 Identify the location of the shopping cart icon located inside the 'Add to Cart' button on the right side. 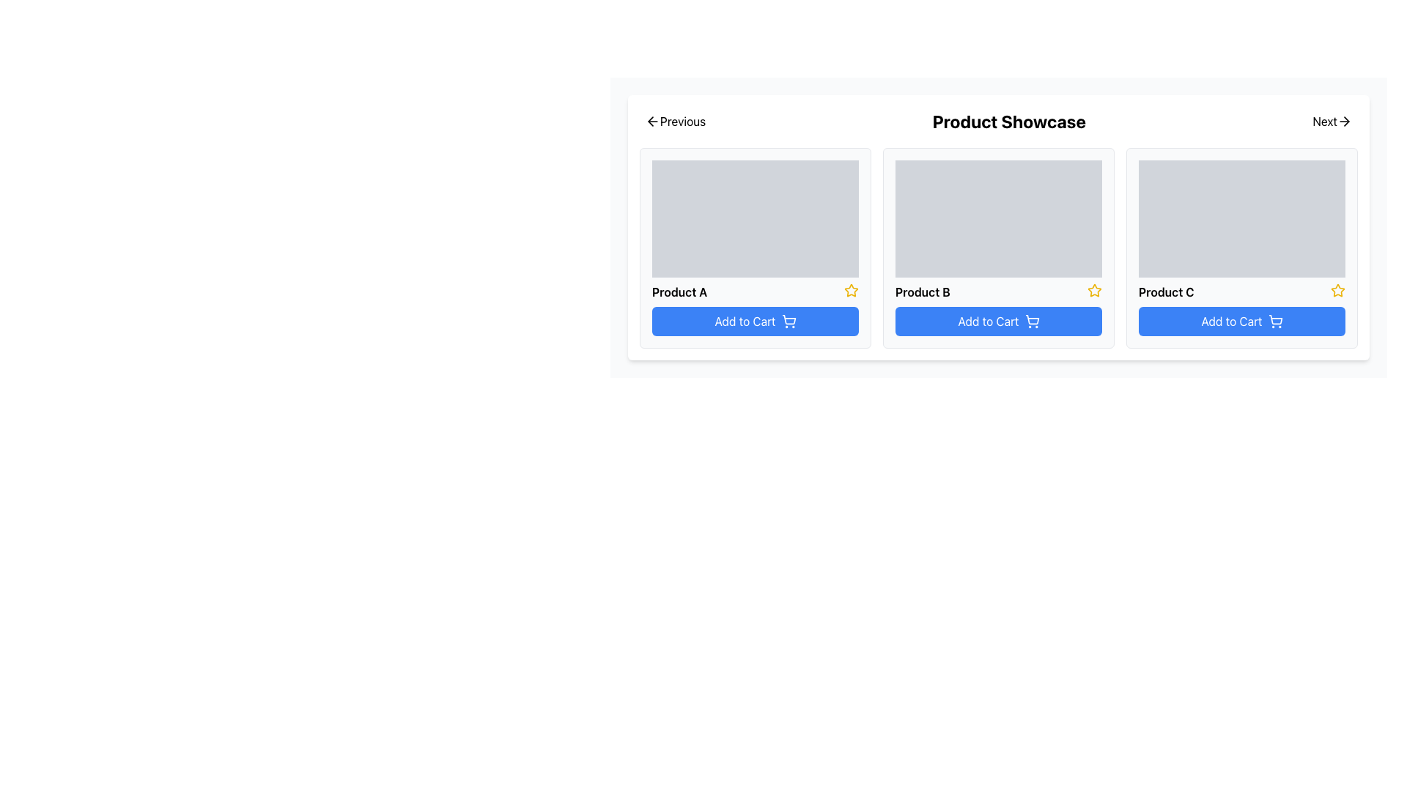
(788, 321).